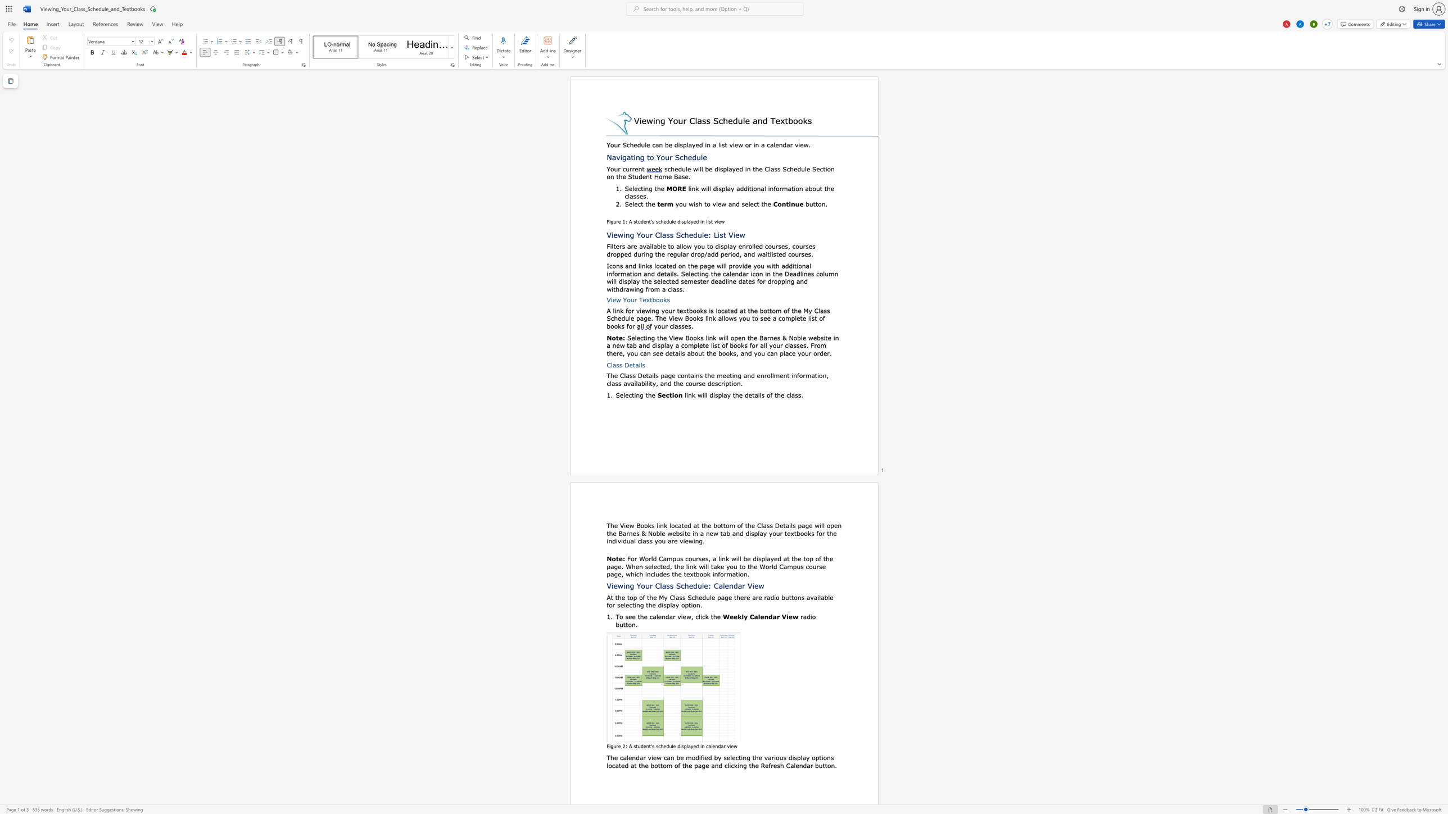  What do you see at coordinates (626, 375) in the screenshot?
I see `the space between the continuous character "l" and "a" in the text` at bounding box center [626, 375].